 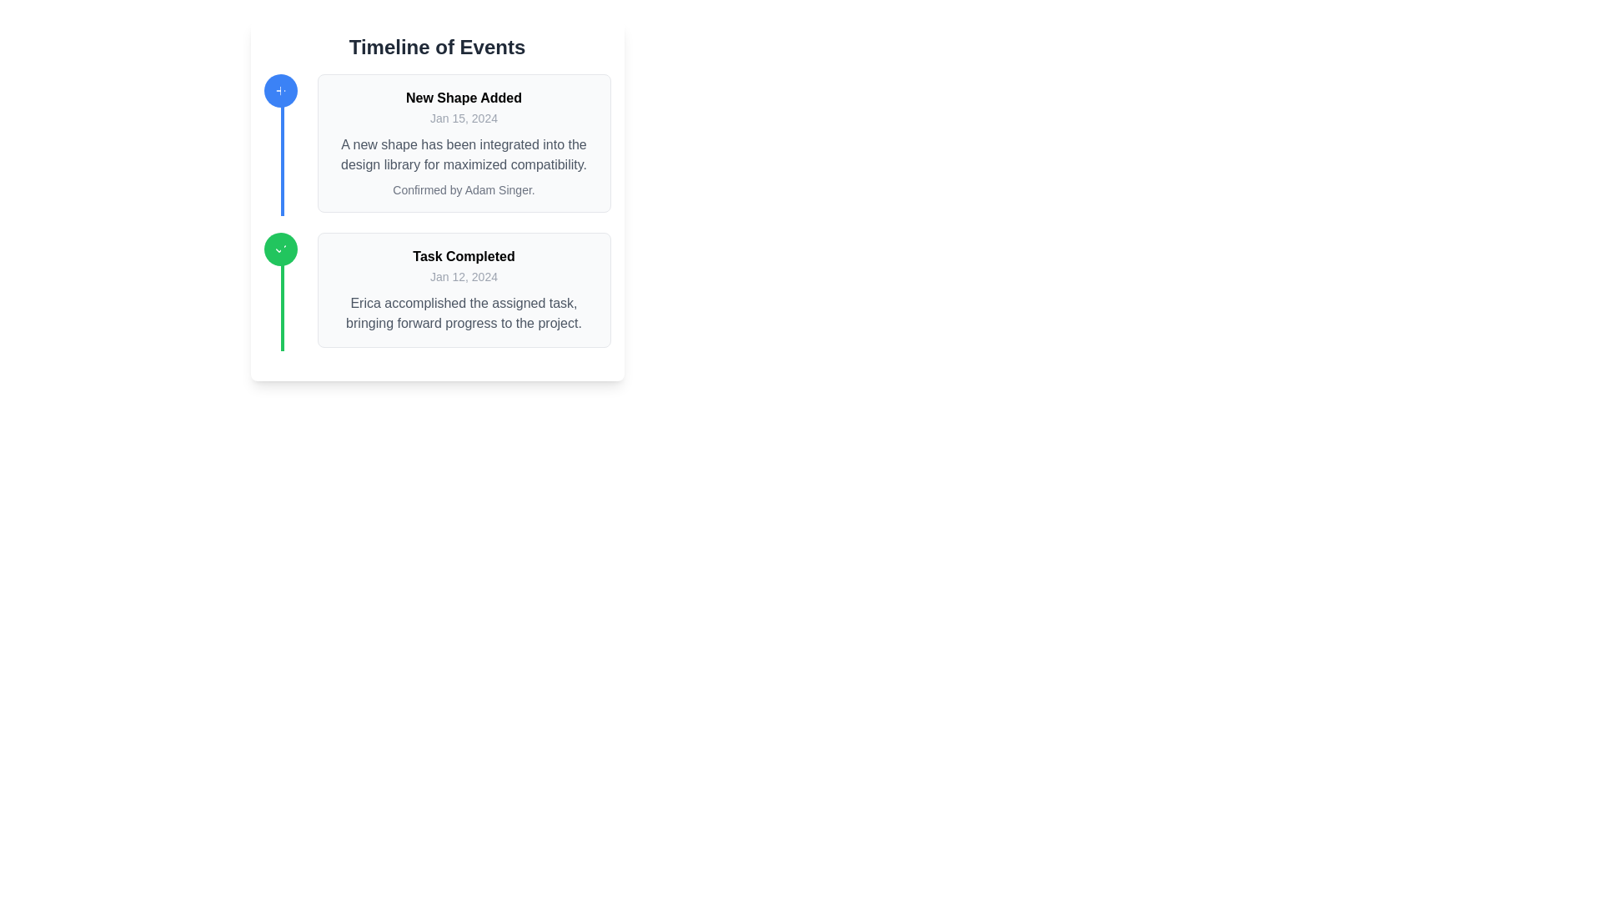 What do you see at coordinates (464, 143) in the screenshot?
I see `the informational card displaying the event titled 'New Shape Added' within the timeline section` at bounding box center [464, 143].